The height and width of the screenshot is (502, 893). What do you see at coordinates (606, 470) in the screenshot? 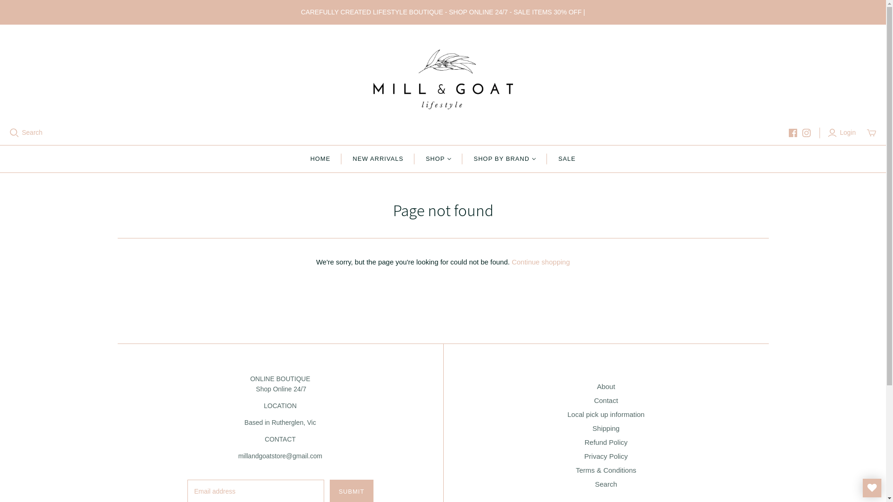
I see `'Terms & Conditions'` at bounding box center [606, 470].